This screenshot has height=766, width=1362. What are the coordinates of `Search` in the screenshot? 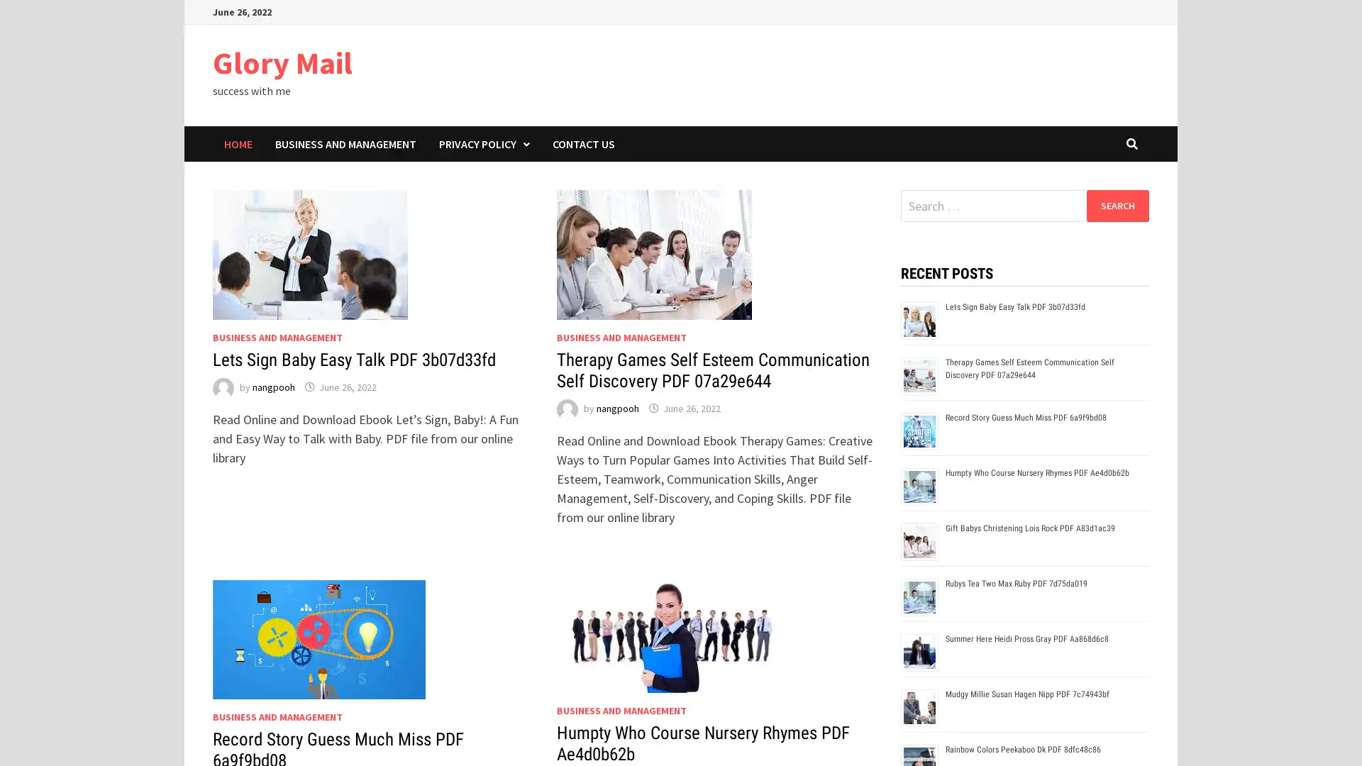 It's located at (1117, 205).